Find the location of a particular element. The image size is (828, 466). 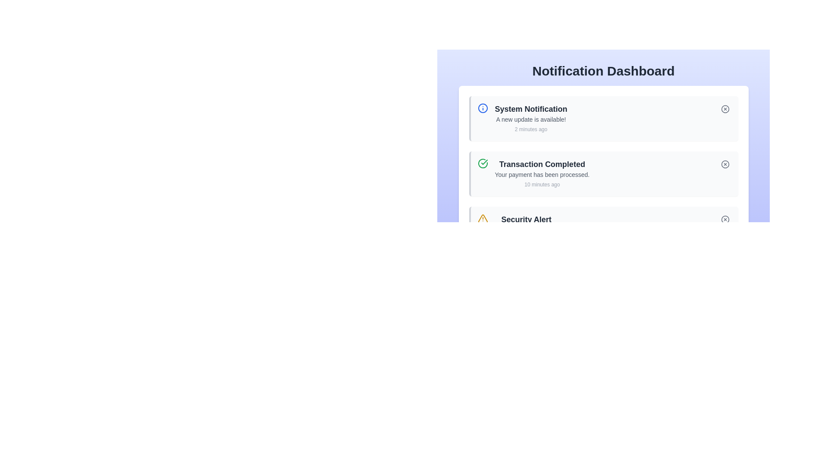

the dismiss or close button icon located at the far right of the 'Transaction Completed' notification card is located at coordinates (724, 164).